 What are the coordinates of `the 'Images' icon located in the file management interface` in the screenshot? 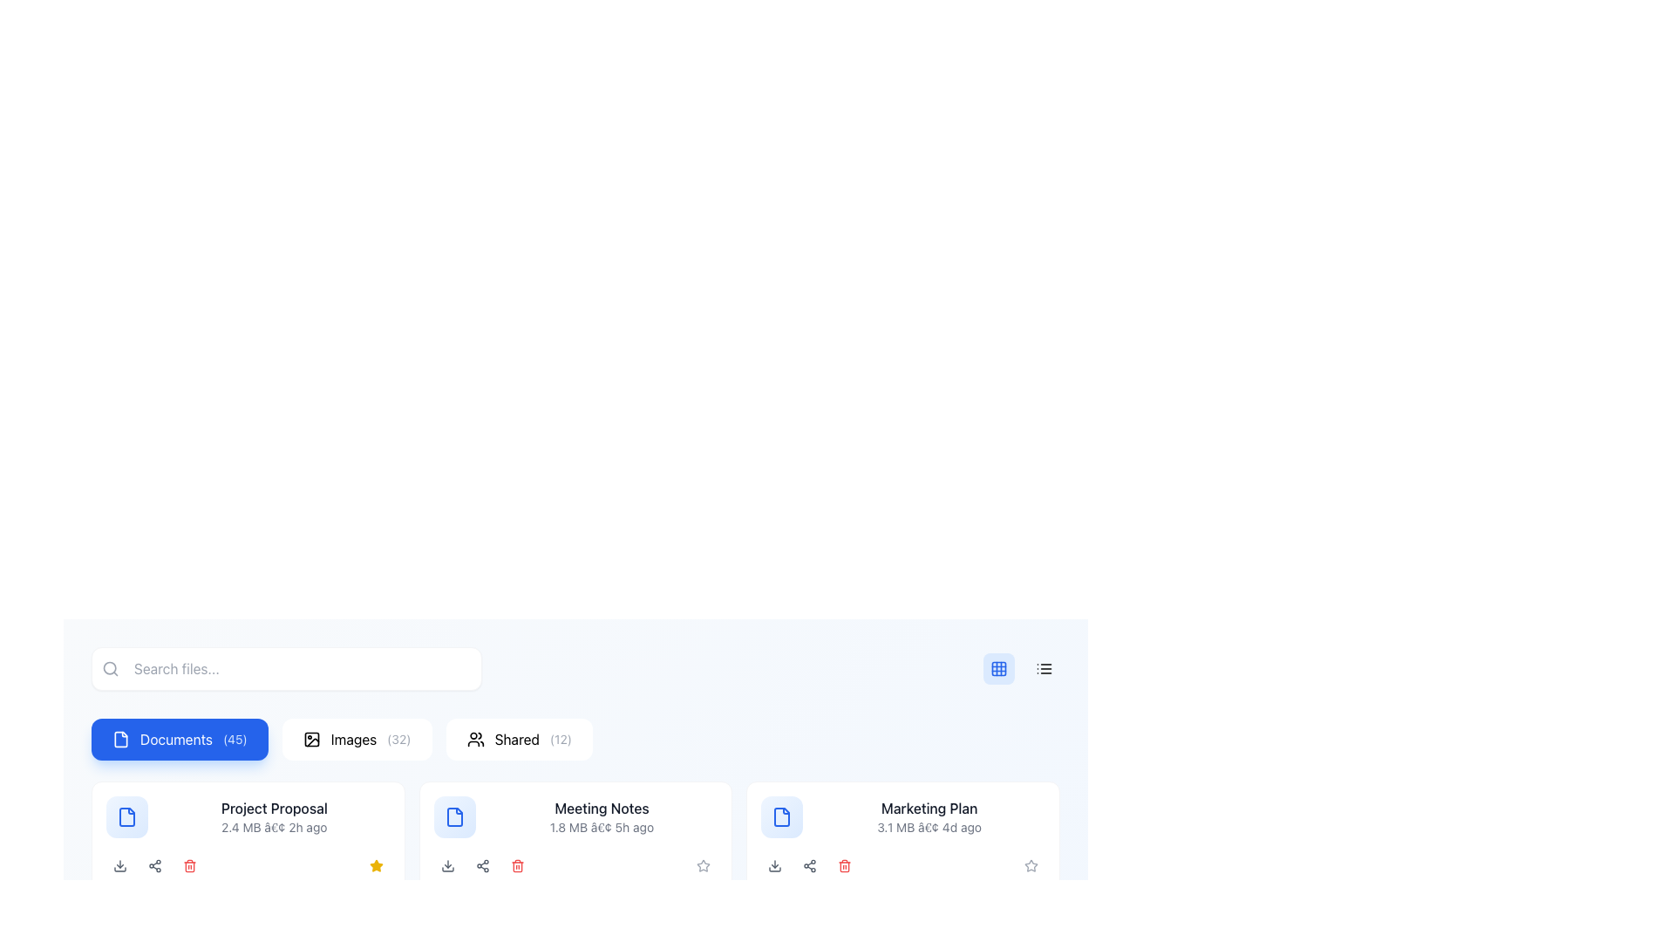 It's located at (311, 740).